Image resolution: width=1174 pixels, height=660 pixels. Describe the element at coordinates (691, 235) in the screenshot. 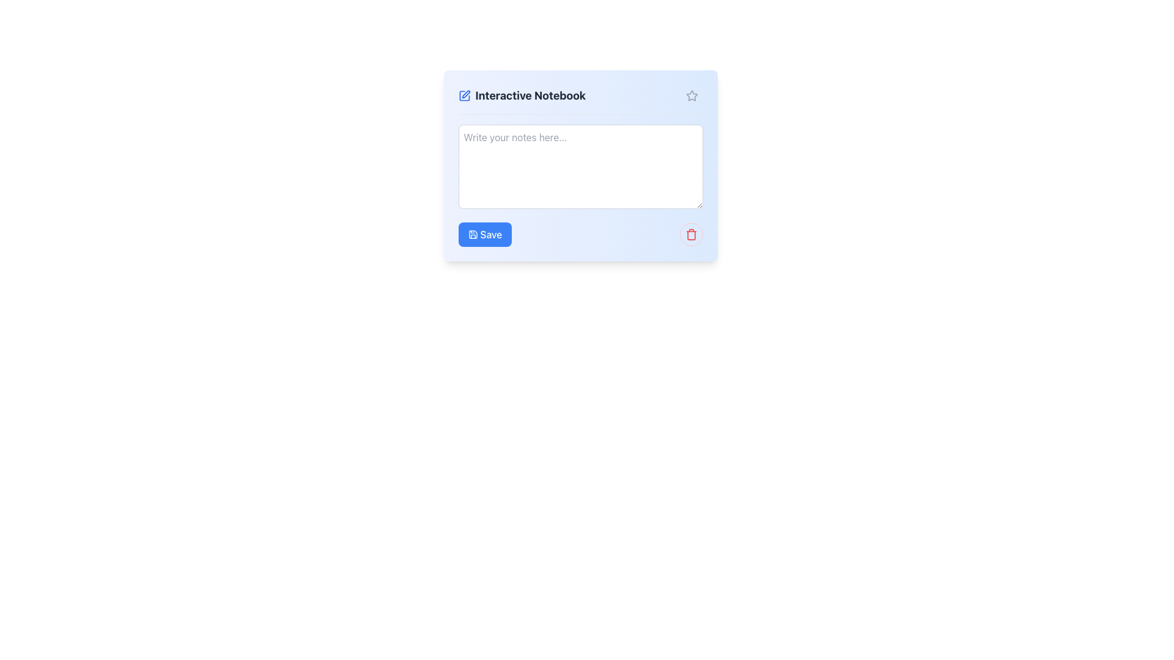

I see `the trash icon button located at the bottom-right of the 'Interactive Notebook' card` at that location.